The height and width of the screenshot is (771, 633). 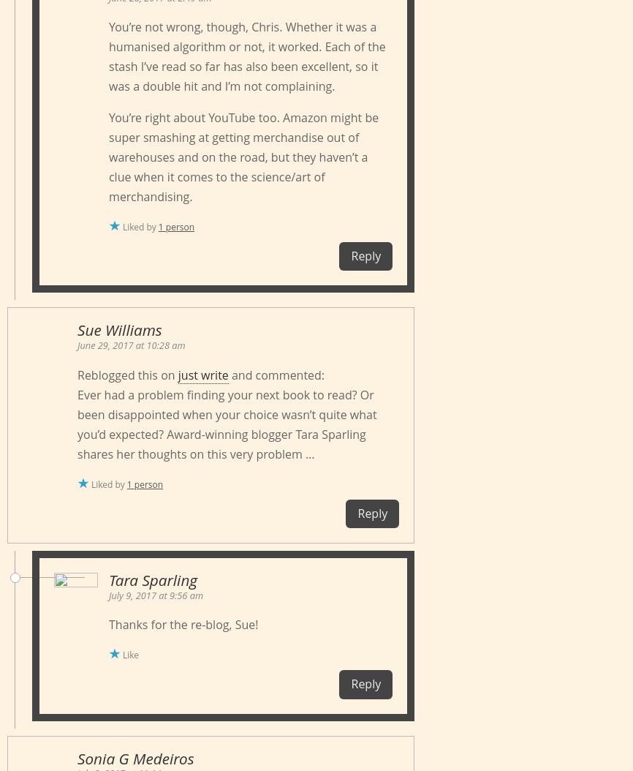 What do you see at coordinates (226, 424) in the screenshot?
I see `'Ever had a problem finding your next book to read?  Or been disappointed when your choice wasn’t quite what you’d expected?  Award-winning blogger Tara Sparling  shares her thoughts on this very problem …'` at bounding box center [226, 424].